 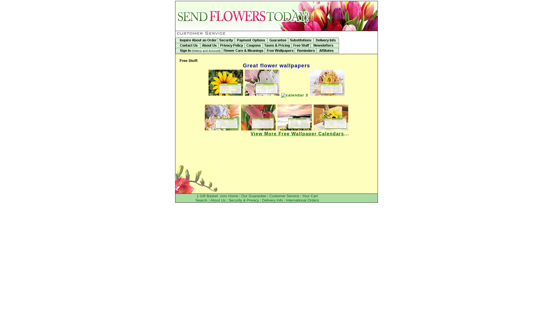 I want to click on 'Security & Privacy', so click(x=244, y=200).